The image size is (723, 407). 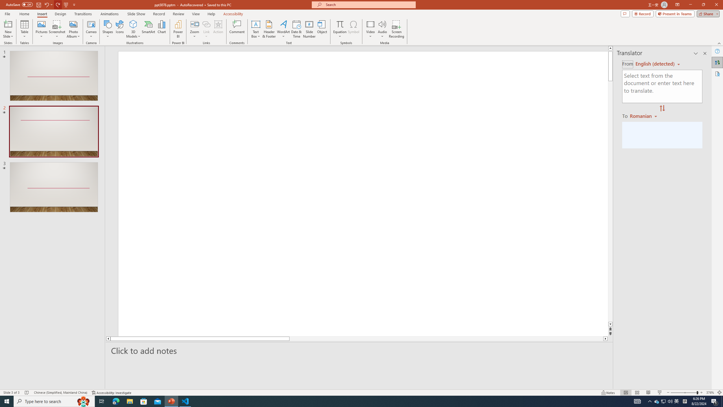 I want to click on 'WordArt', so click(x=283, y=29).